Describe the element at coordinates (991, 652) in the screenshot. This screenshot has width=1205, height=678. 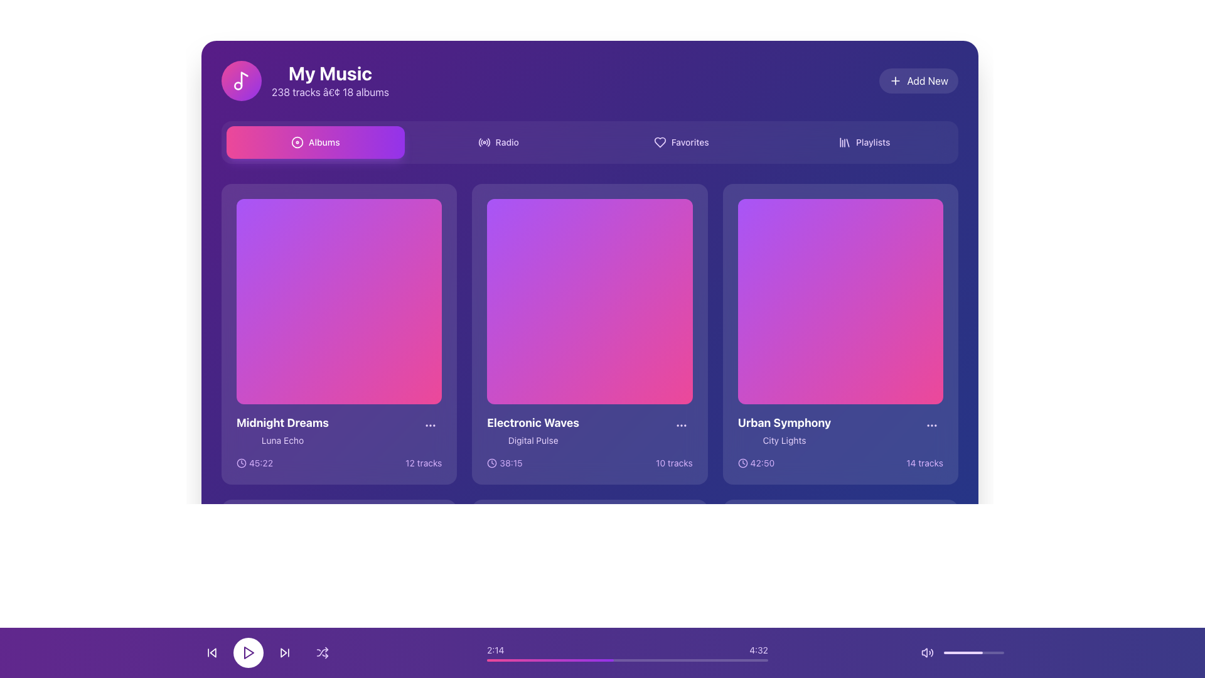
I see `the volume` at that location.